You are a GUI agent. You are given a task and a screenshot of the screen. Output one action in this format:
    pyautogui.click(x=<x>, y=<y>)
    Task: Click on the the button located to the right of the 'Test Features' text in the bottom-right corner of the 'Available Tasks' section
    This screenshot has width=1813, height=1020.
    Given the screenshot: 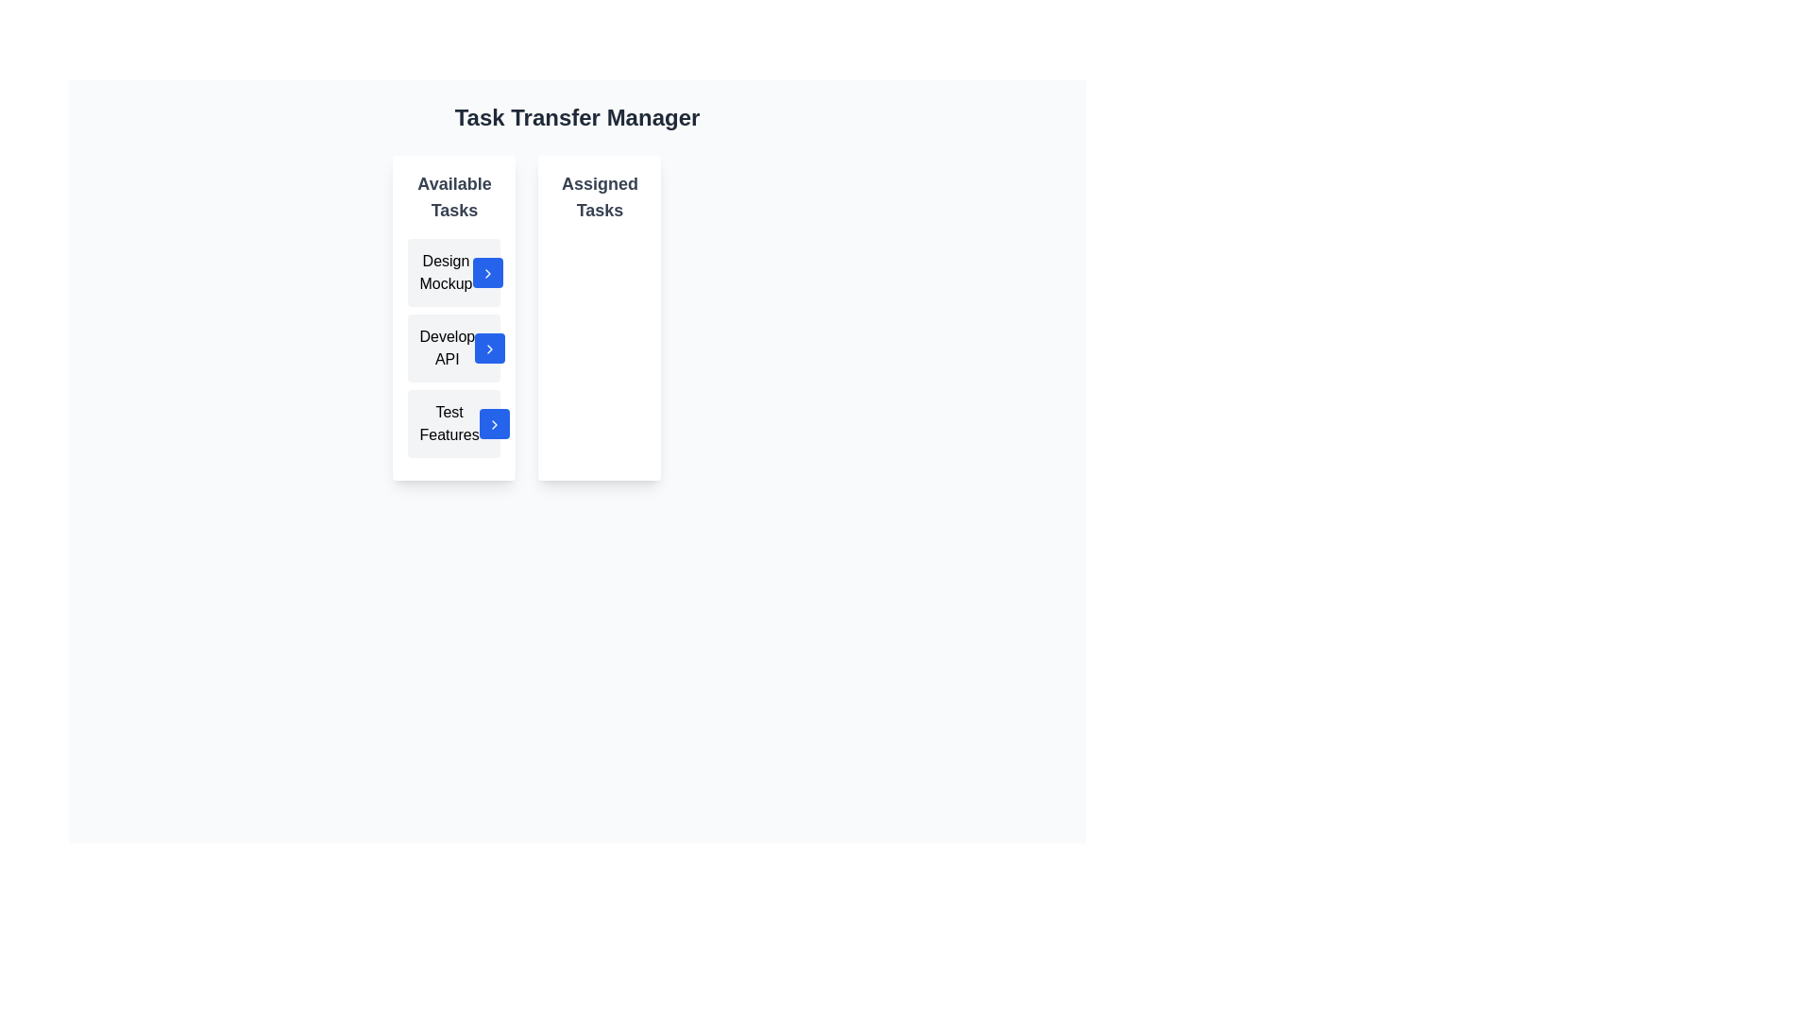 What is the action you would take?
    pyautogui.click(x=494, y=422)
    